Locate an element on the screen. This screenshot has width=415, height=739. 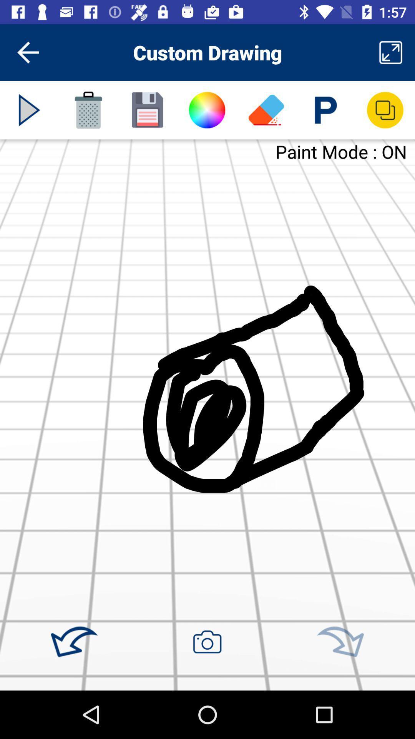
delete drawing is located at coordinates (88, 110).